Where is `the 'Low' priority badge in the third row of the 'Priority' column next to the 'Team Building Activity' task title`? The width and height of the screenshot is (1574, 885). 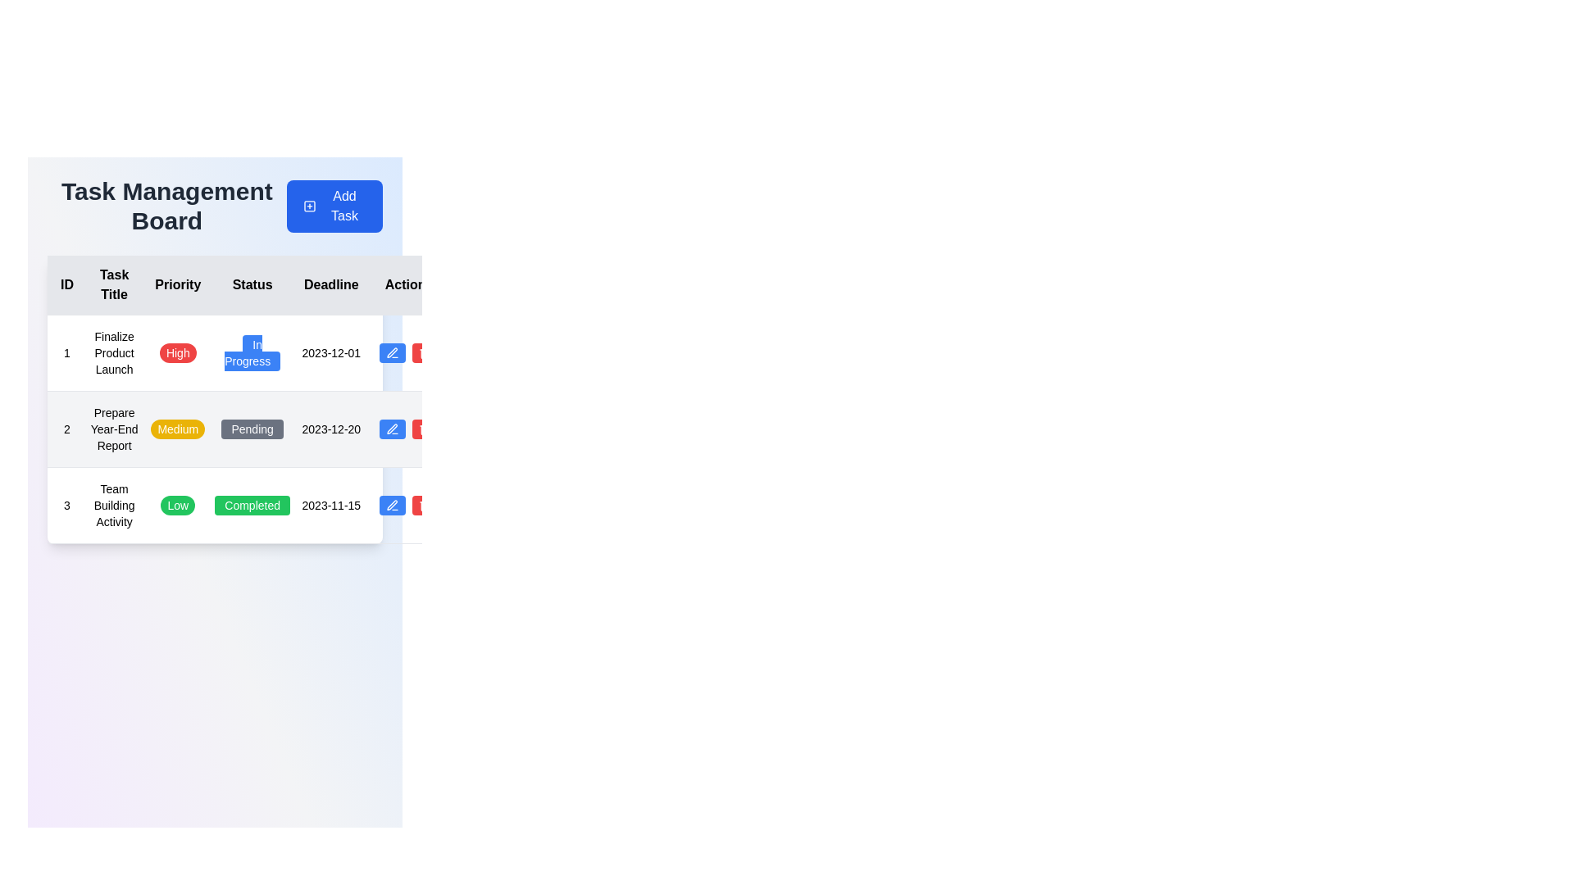 the 'Low' priority badge in the third row of the 'Priority' column next to the 'Team Building Activity' task title is located at coordinates (178, 505).